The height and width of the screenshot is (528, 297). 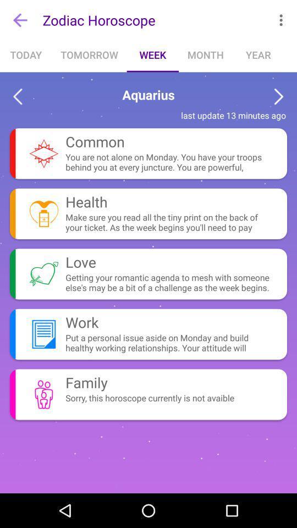 I want to click on the item to the left of zodiac horoscope item, so click(x=20, y=19).